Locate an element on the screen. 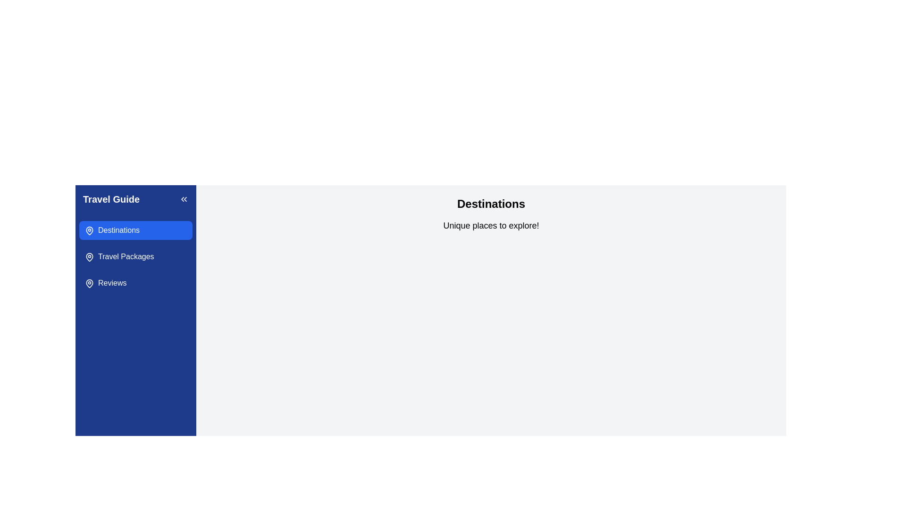 This screenshot has height=509, width=906. the text element displaying 'Travel Guide' which is styled in large, bold white font on a blue background, located at the top-left corner of the sidebar is located at coordinates (111, 199).